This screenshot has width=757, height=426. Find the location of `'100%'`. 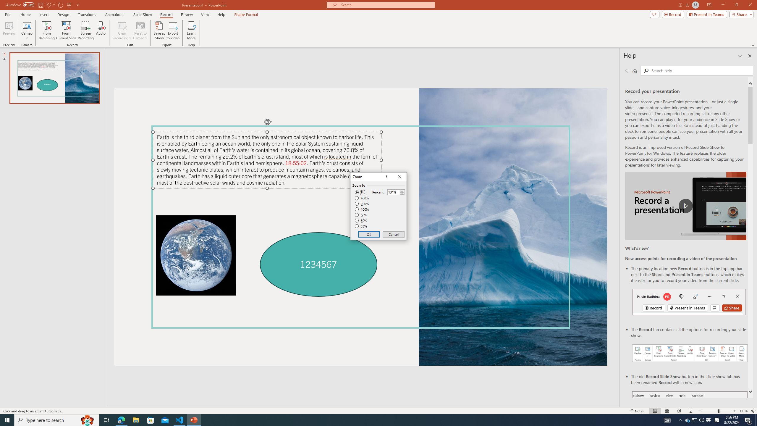

'100%' is located at coordinates (362, 209).